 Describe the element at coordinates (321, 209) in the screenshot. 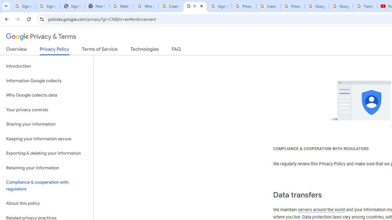

I see `'servers around the world'` at that location.